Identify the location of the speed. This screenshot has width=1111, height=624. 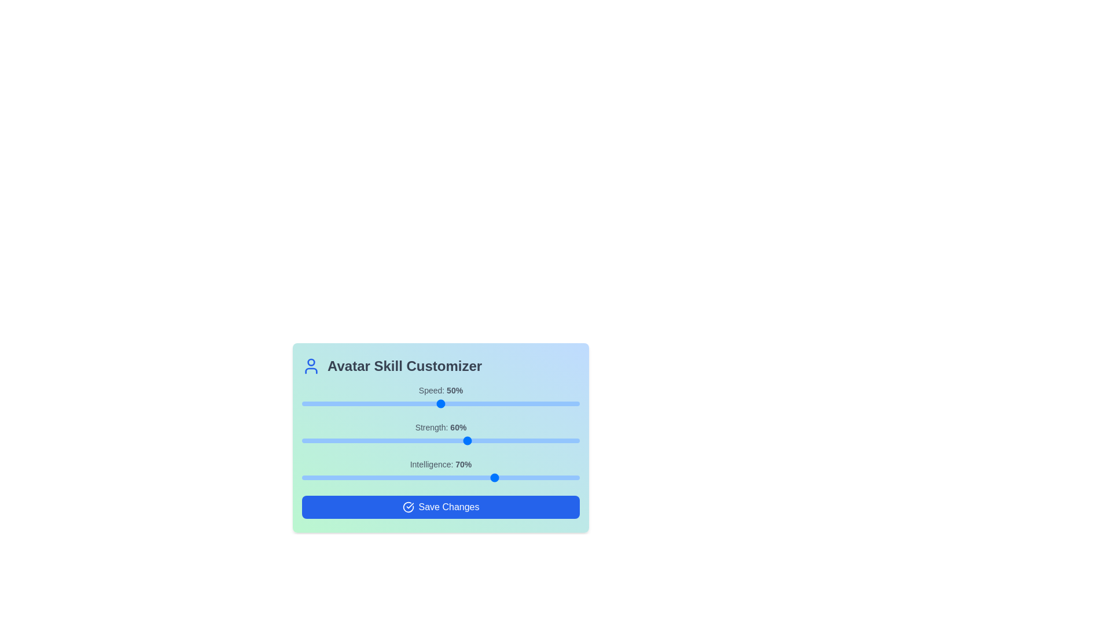
(485, 403).